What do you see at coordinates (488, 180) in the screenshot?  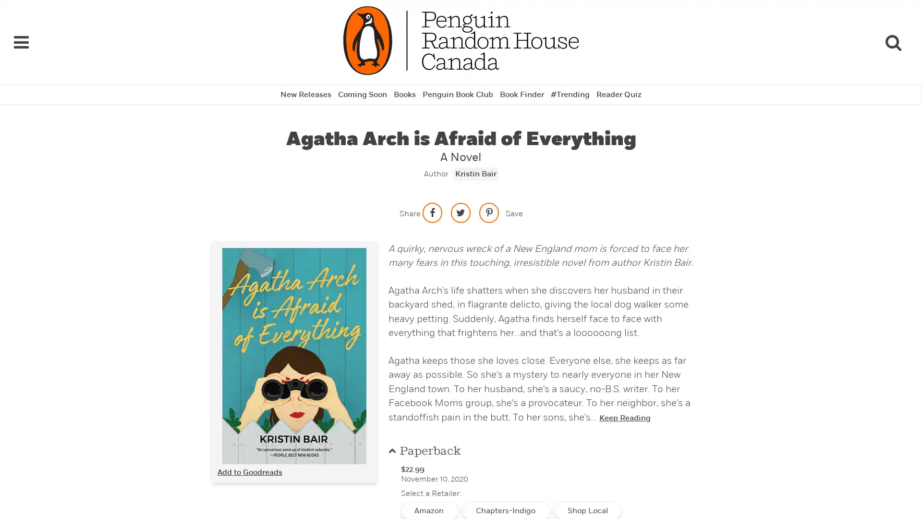 I see `Save to Pinterest` at bounding box center [488, 180].